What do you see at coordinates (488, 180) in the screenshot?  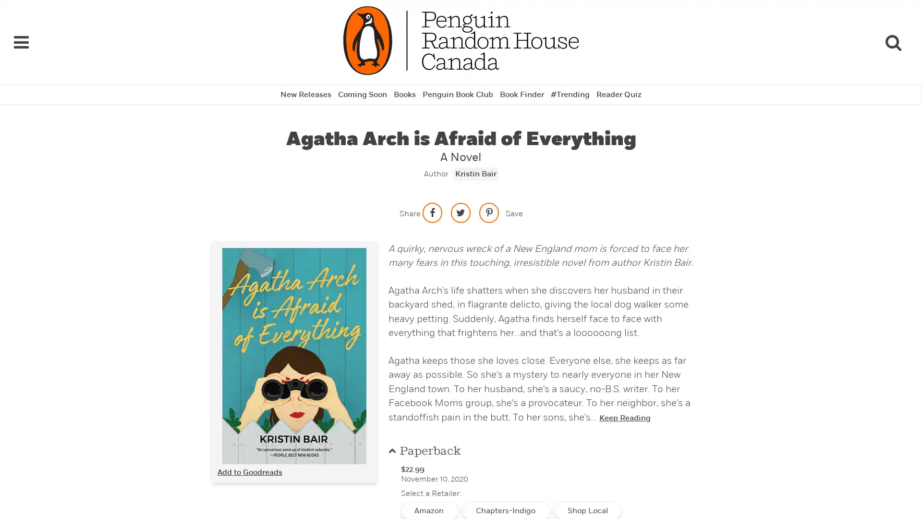 I see `Save to Pinterest` at bounding box center [488, 180].